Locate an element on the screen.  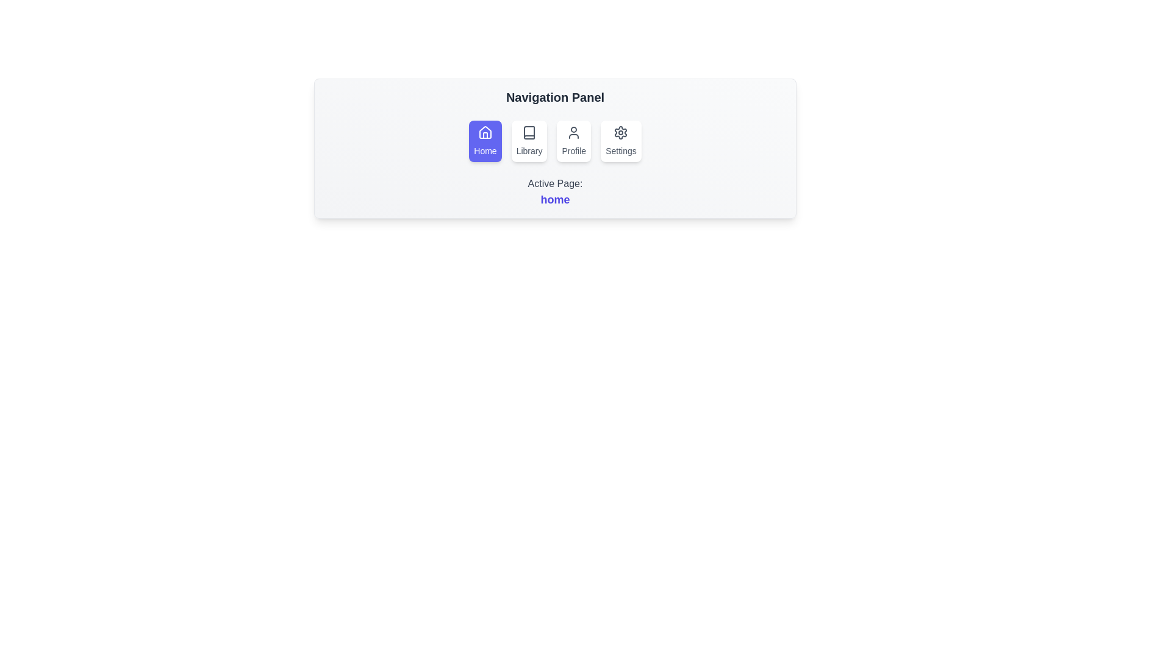
the gear-like settings icon located at the top-center of the interface is located at coordinates (621, 133).